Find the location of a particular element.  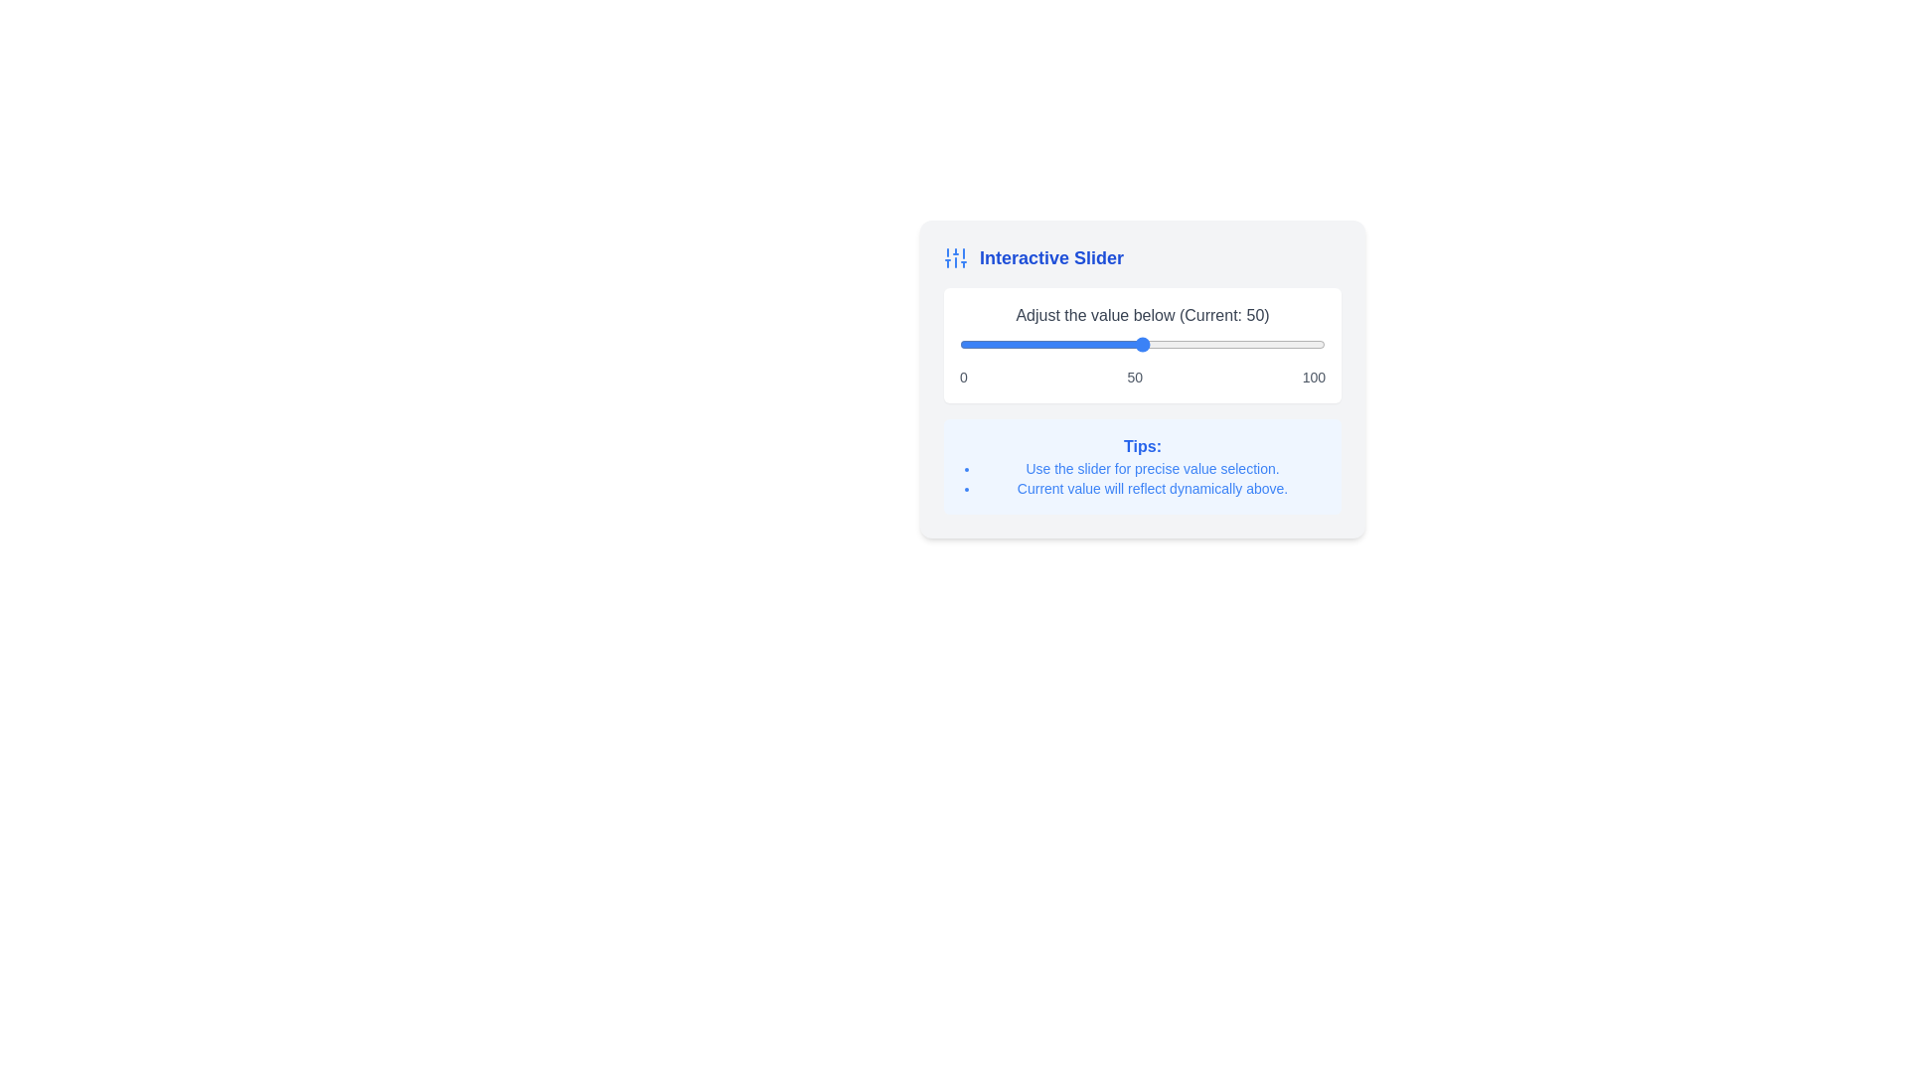

the slider value is located at coordinates (1157, 344).